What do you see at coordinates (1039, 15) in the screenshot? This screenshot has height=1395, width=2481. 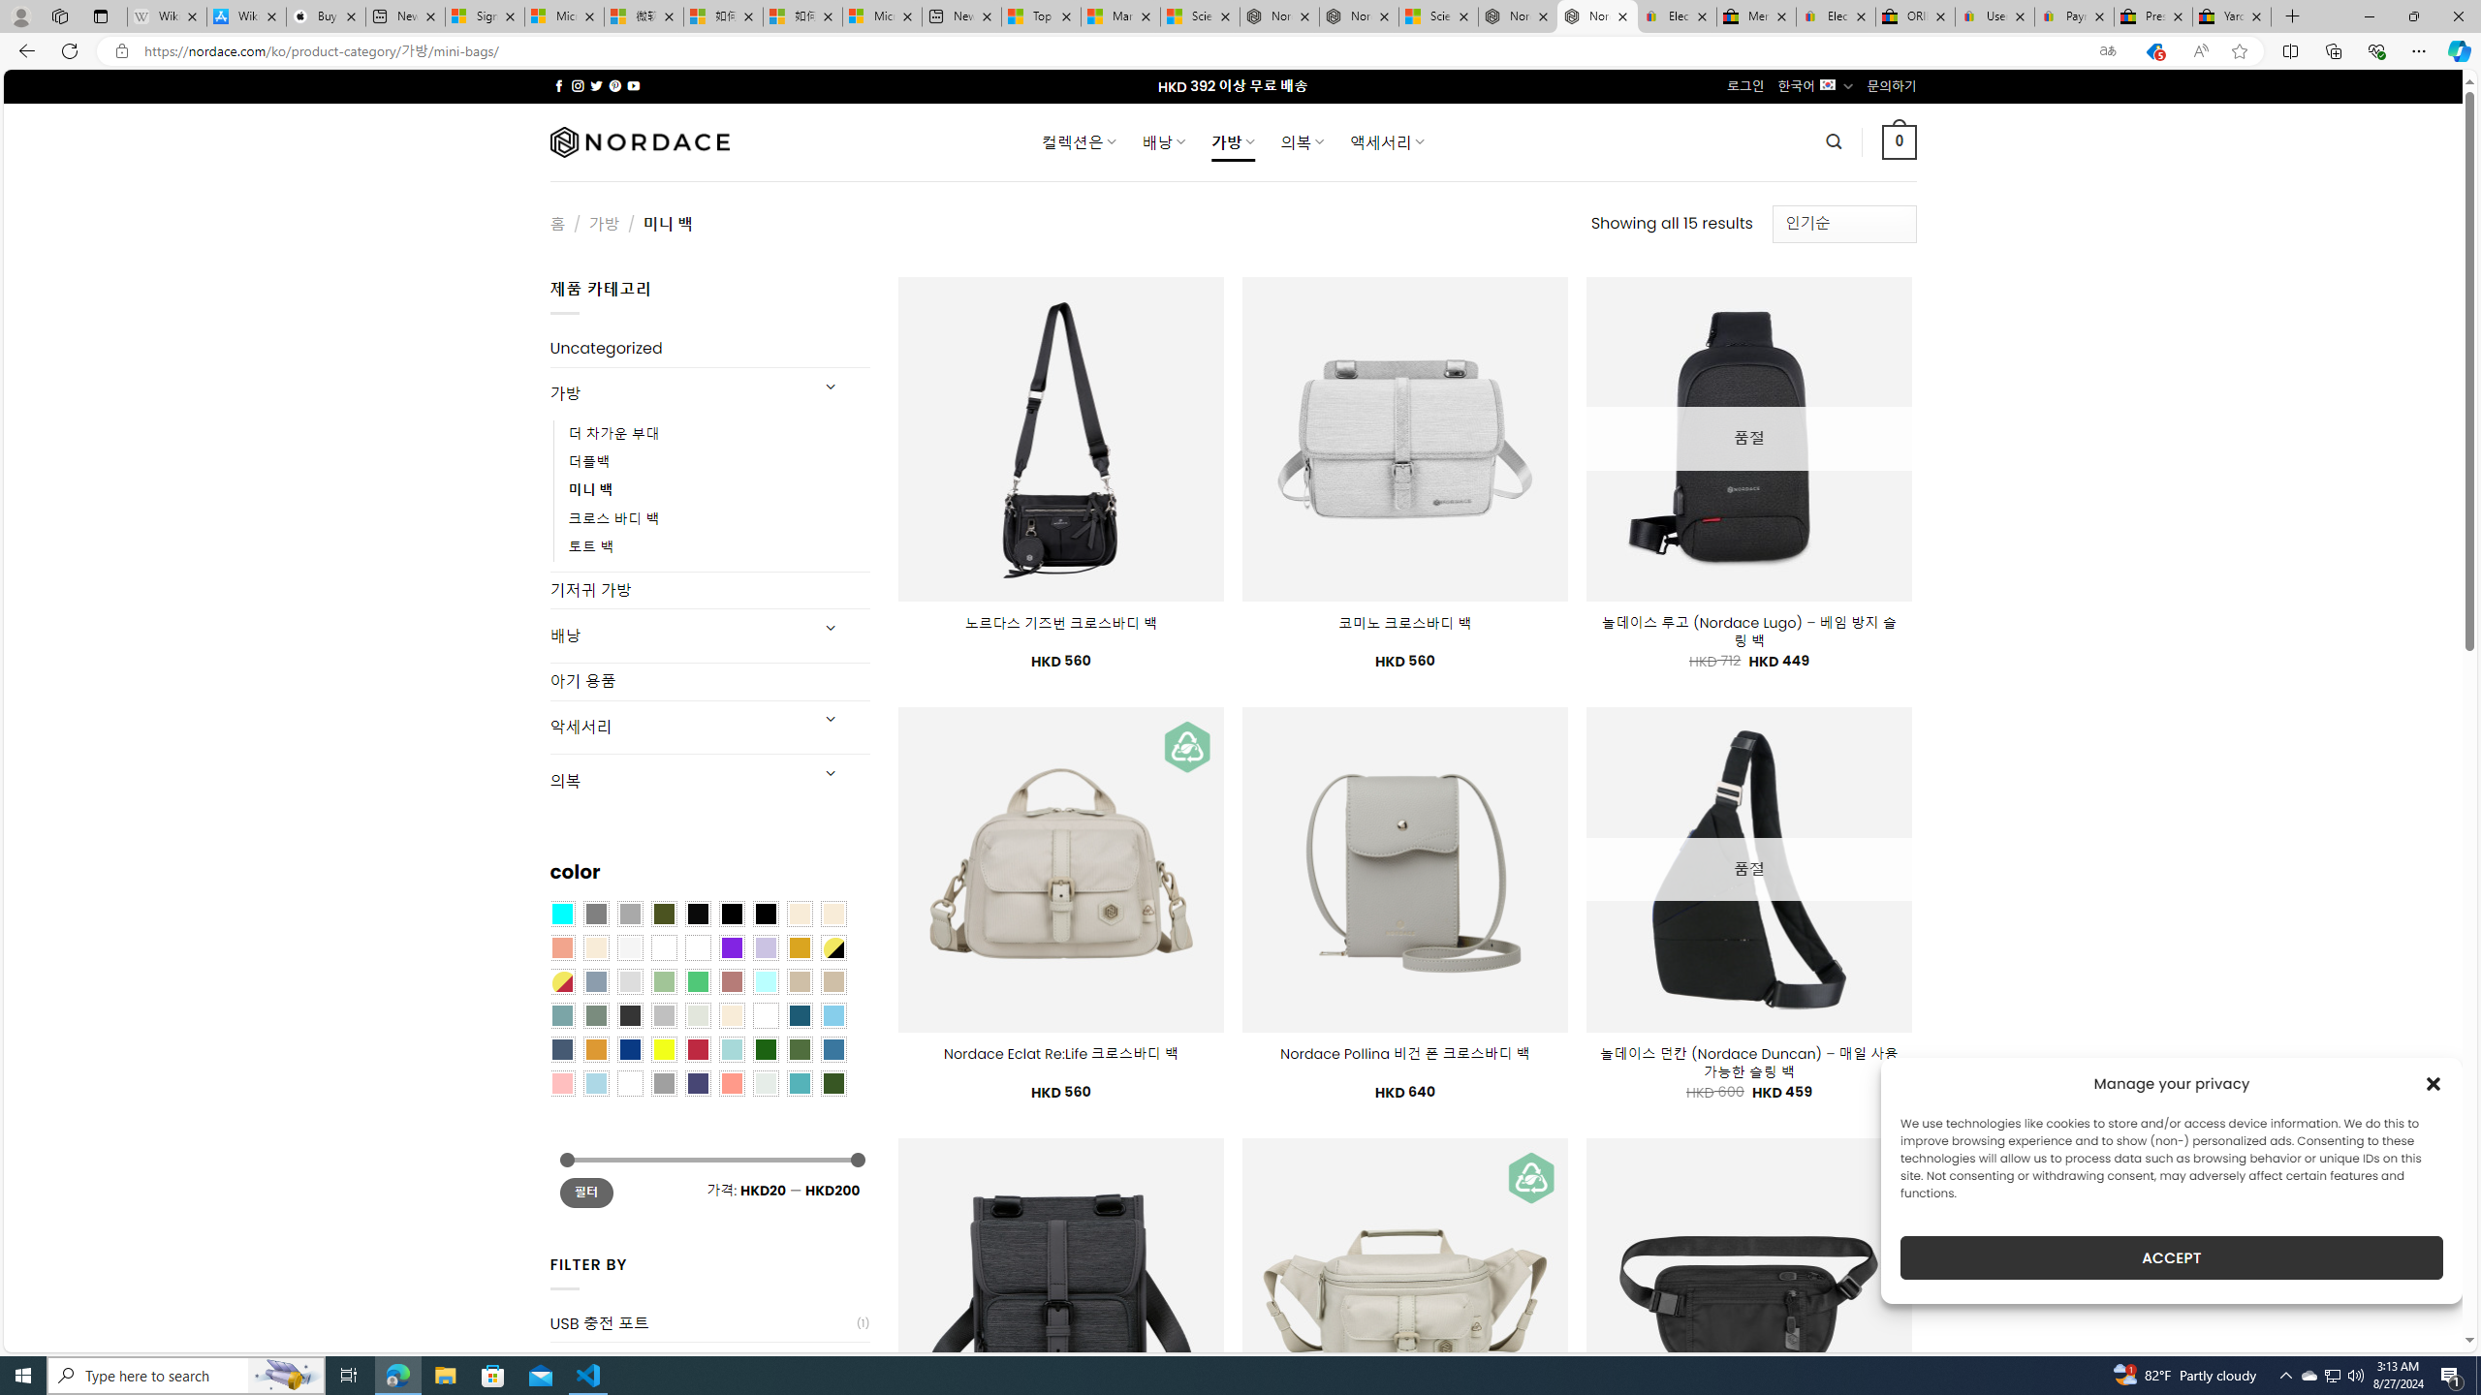 I see `'Top Stories - MSN'` at bounding box center [1039, 15].